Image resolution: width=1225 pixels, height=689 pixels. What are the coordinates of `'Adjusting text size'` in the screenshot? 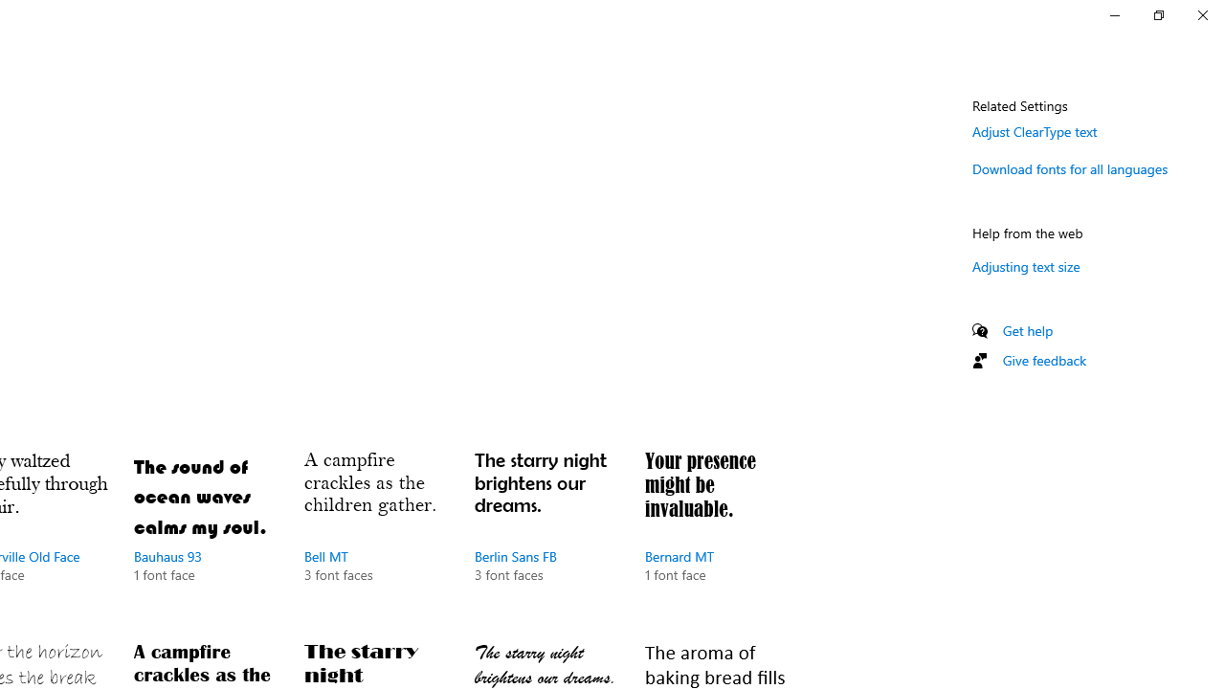 It's located at (1025, 266).